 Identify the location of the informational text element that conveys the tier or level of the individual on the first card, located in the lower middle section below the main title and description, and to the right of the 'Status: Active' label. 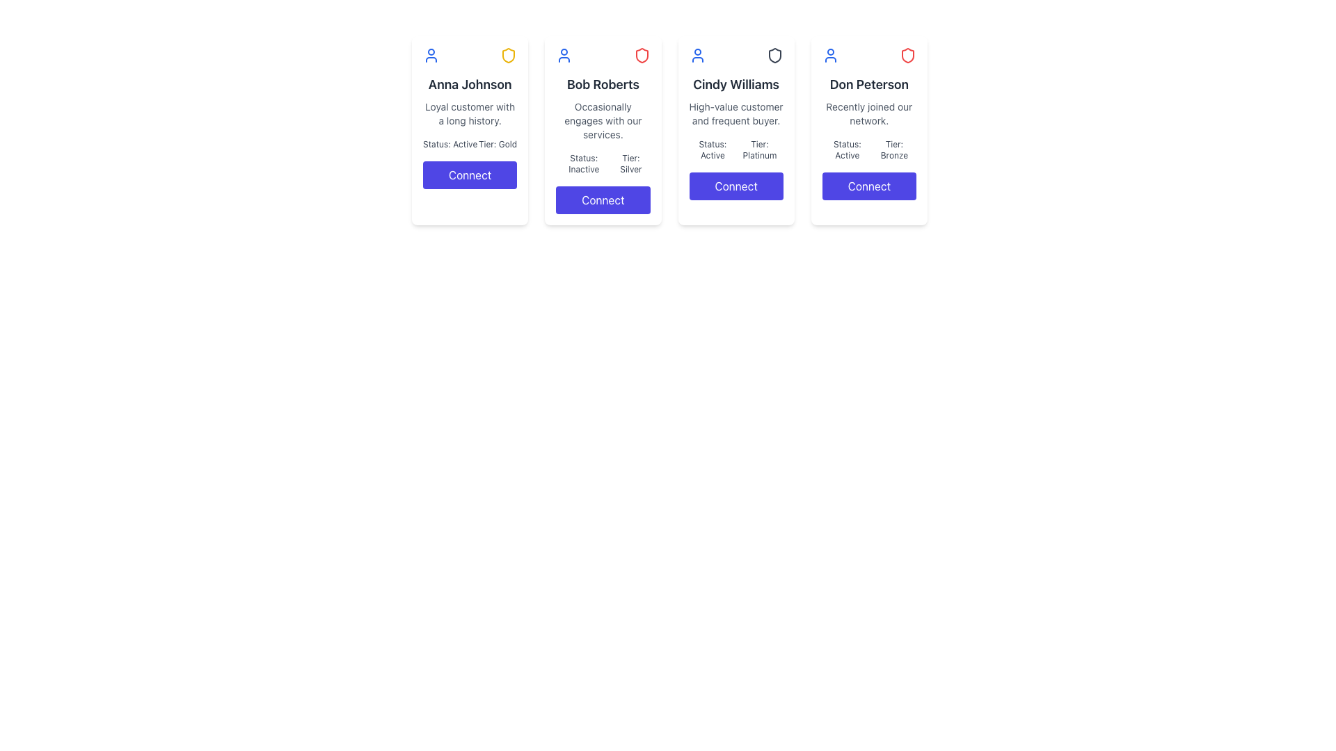
(498, 145).